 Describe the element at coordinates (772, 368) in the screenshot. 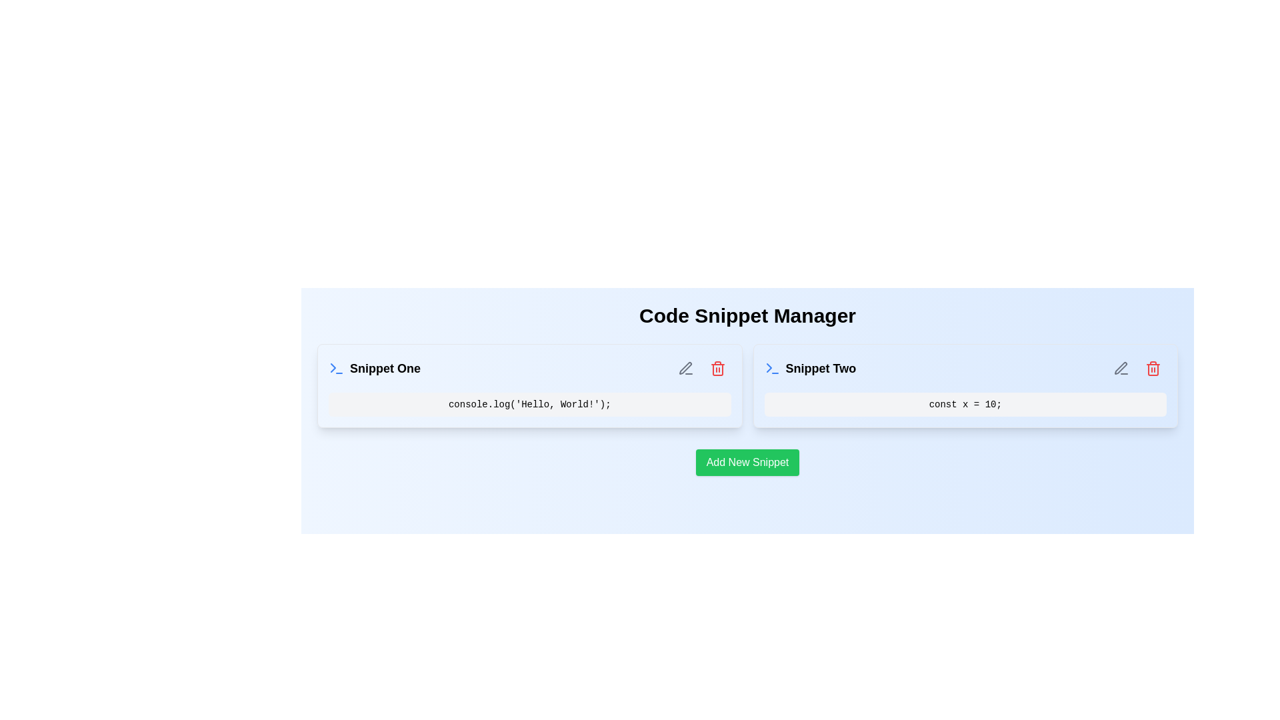

I see `the terminal prompt icon, which is a small vibrant blue icon with a rightward pointing arrow, located immediately to the left of the text label 'Snippet Two'` at that location.